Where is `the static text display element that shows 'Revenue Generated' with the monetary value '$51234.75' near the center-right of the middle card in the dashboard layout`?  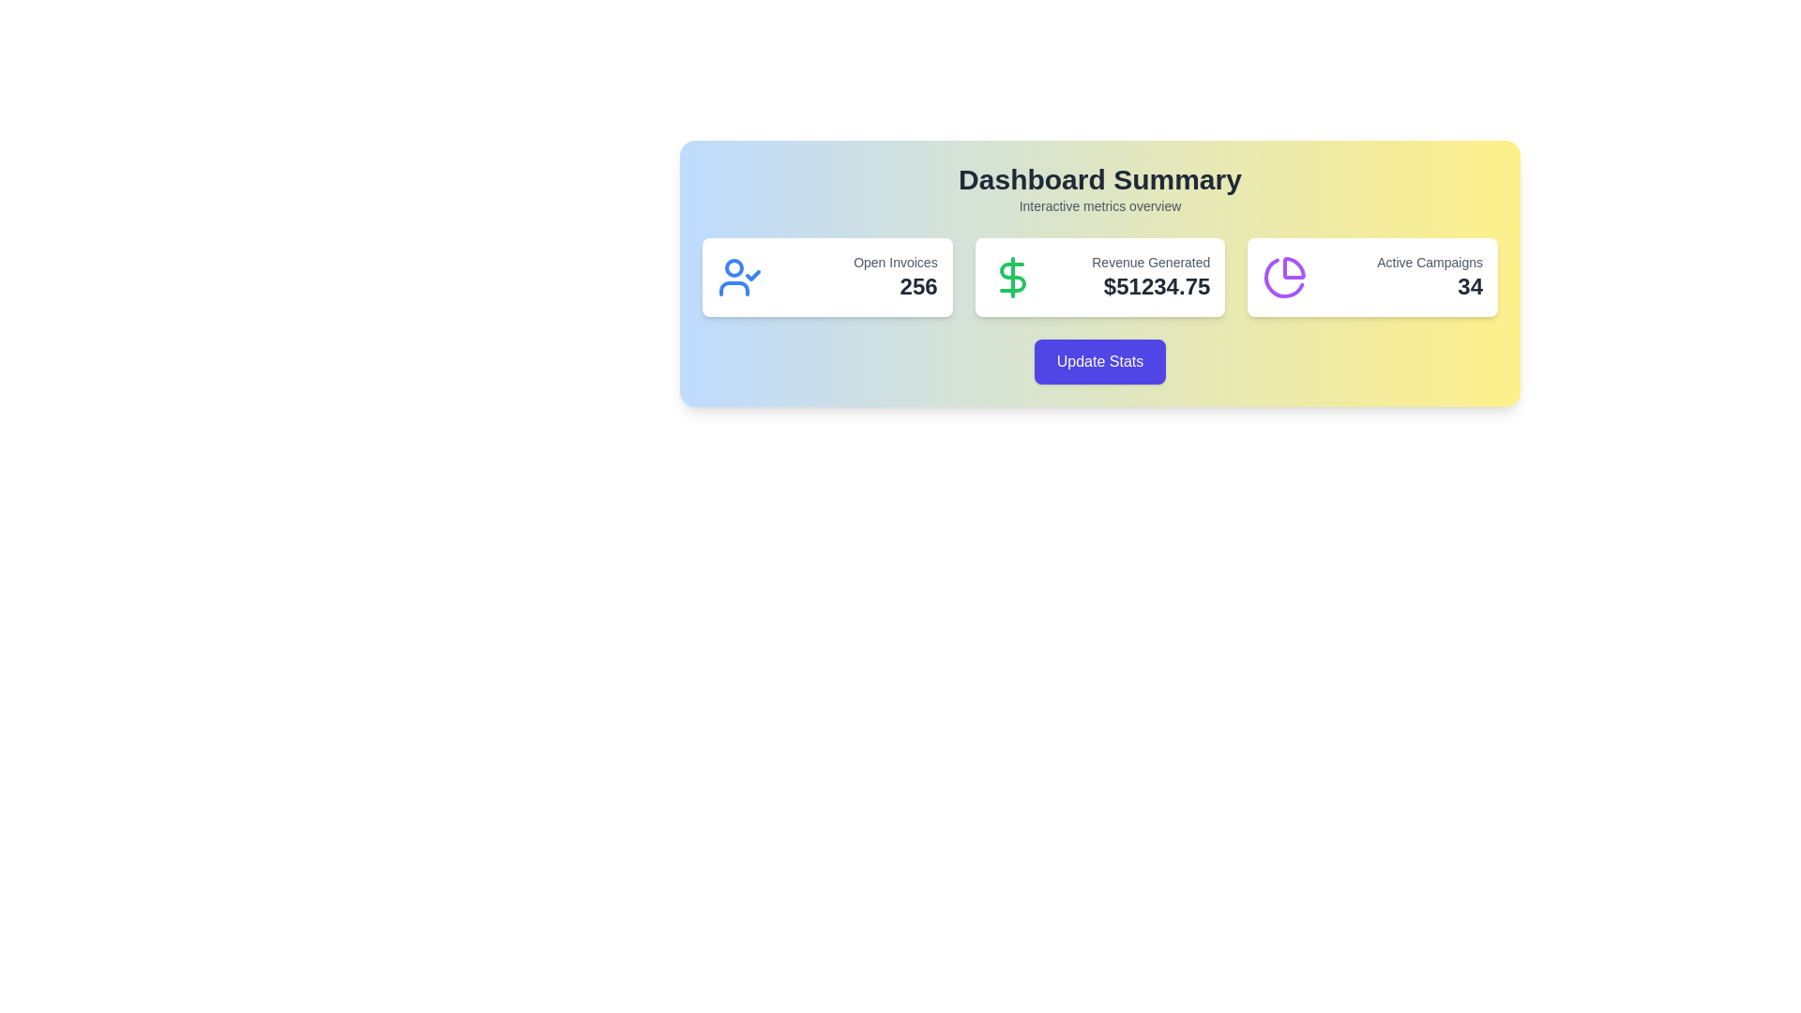
the static text display element that shows 'Revenue Generated' with the monetary value '$51234.75' near the center-right of the middle card in the dashboard layout is located at coordinates (1150, 278).